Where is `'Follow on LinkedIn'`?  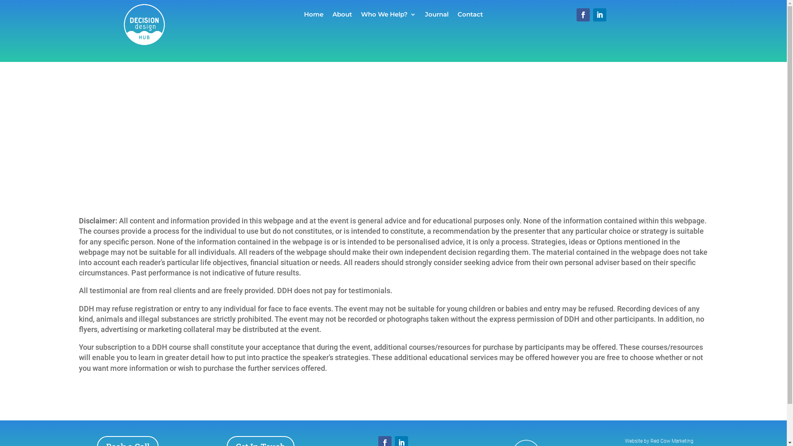 'Follow on LinkedIn' is located at coordinates (599, 14).